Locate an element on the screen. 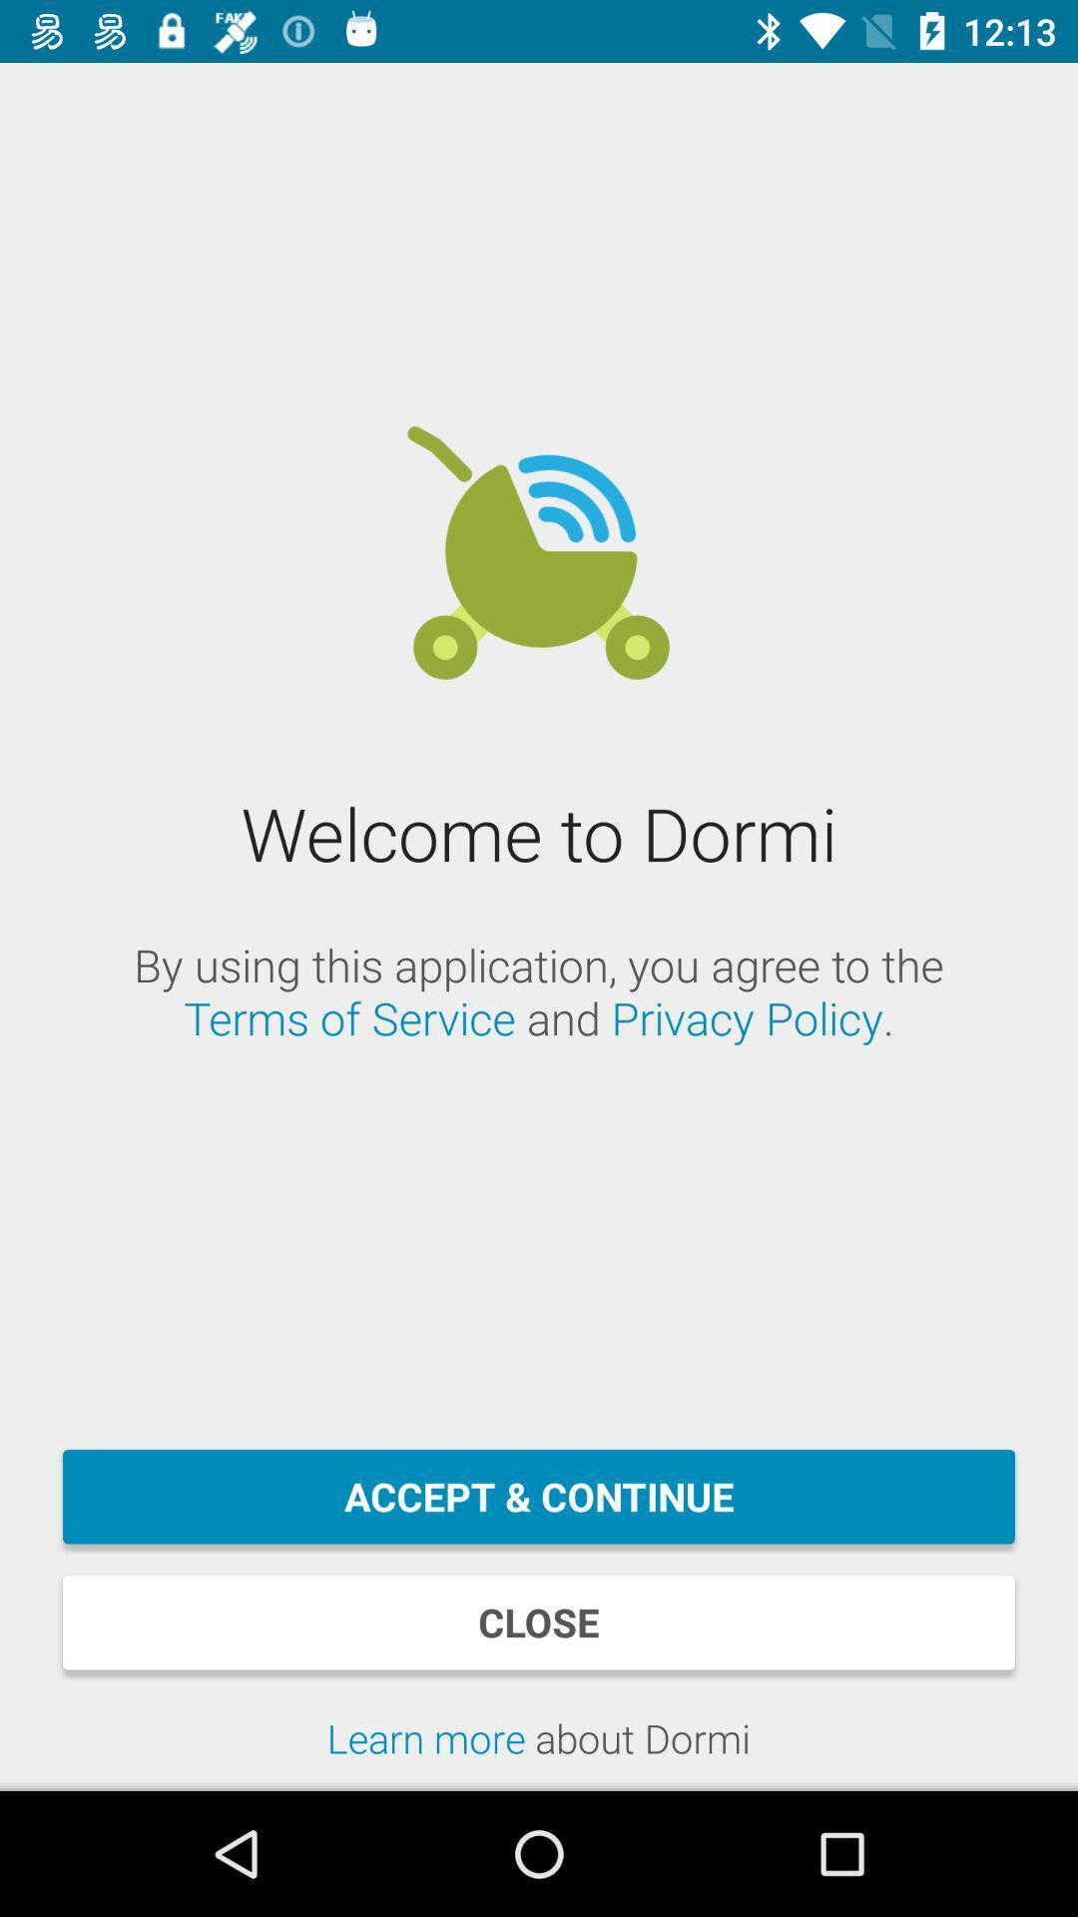 Image resolution: width=1078 pixels, height=1917 pixels. icon above the accept & continue item is located at coordinates (539, 991).